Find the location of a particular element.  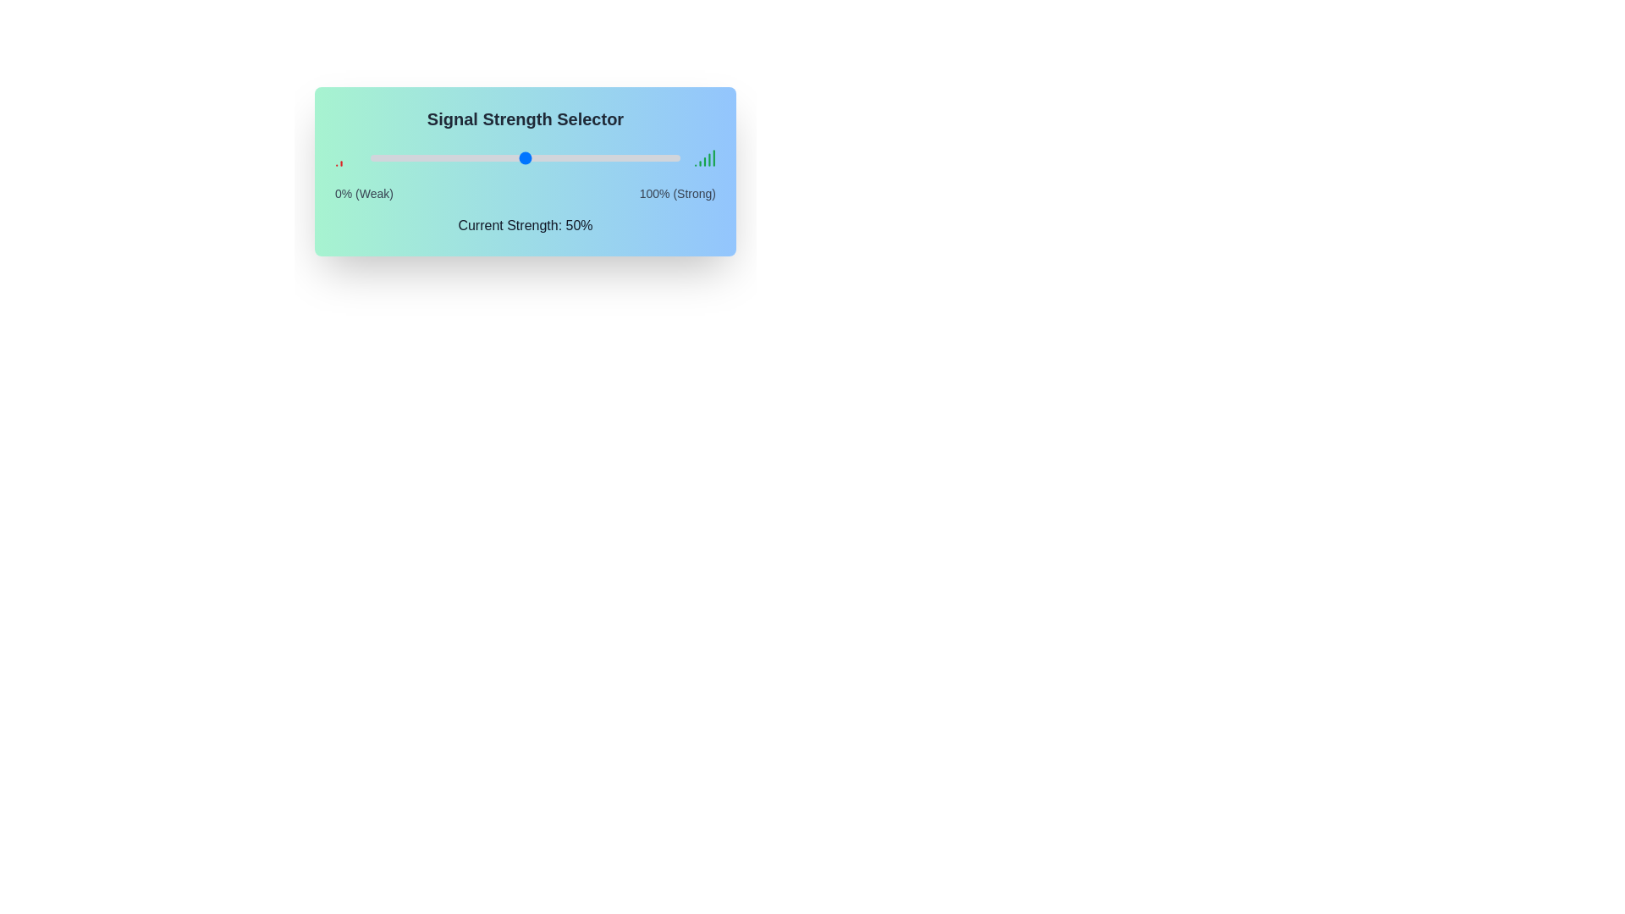

the signal strength slider to 11% to observe the visual signal strength indicators is located at coordinates (404, 157).